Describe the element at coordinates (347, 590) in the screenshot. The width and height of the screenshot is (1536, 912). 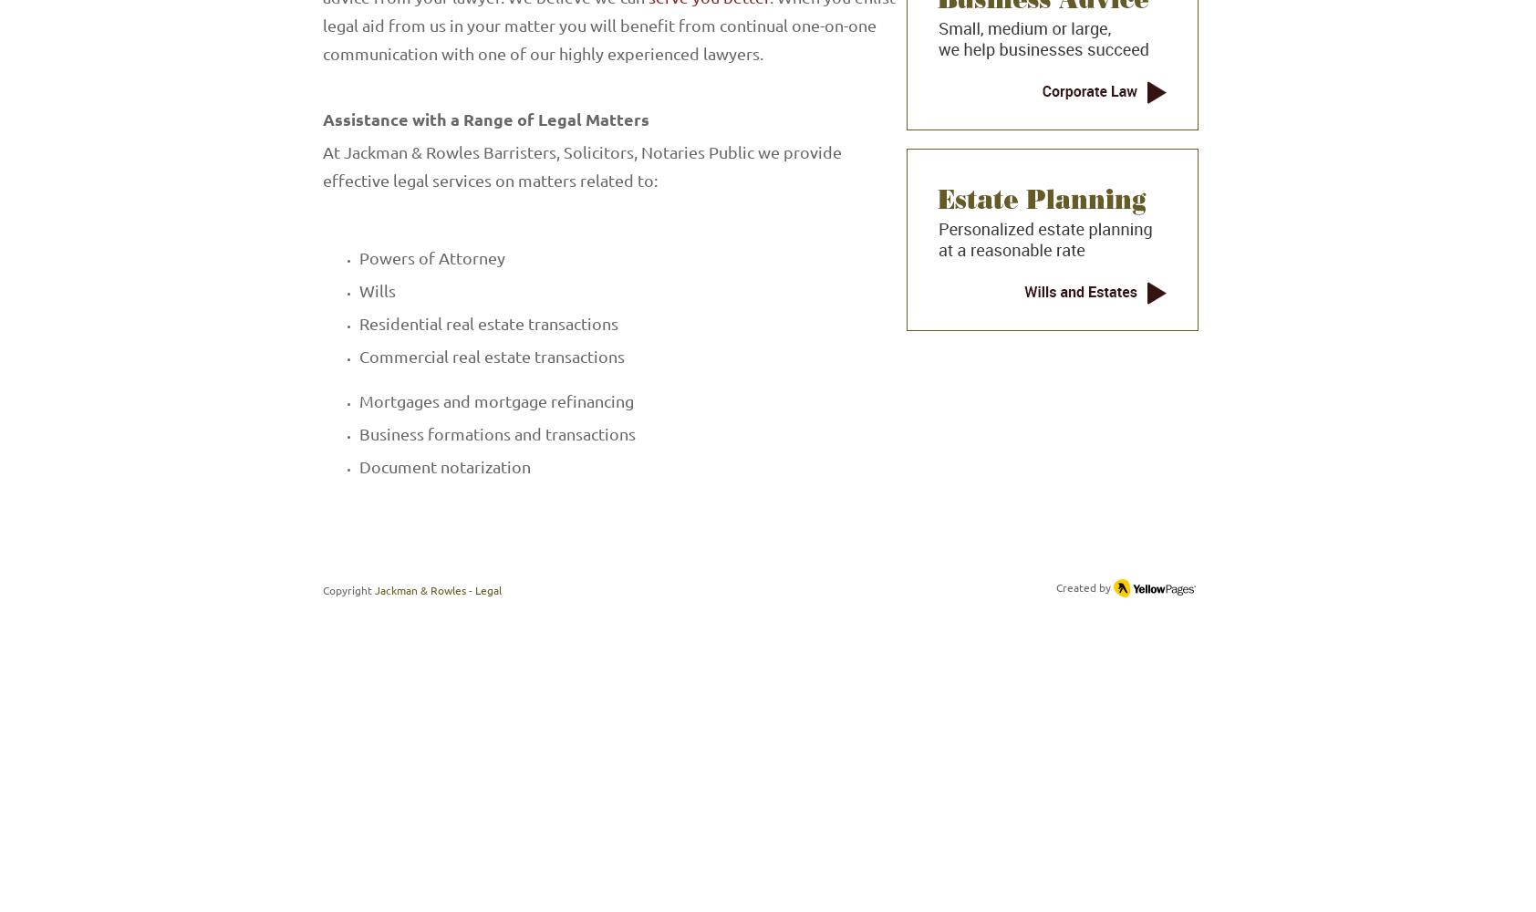
I see `'Copyright'` at that location.